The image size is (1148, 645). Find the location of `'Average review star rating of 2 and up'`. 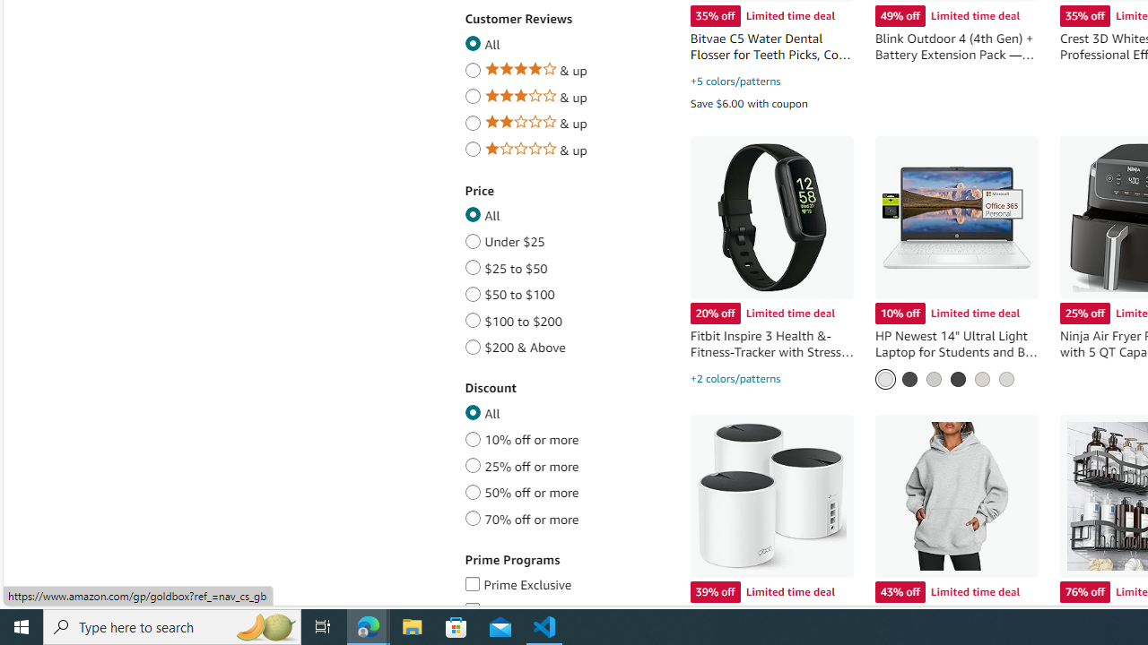

'Average review star rating of 2 and up' is located at coordinates (473, 120).